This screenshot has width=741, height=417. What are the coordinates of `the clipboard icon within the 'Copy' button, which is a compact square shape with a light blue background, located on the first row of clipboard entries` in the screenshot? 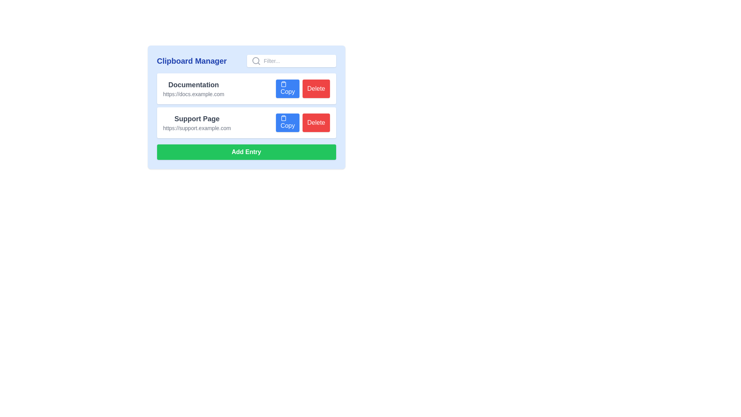 It's located at (283, 84).